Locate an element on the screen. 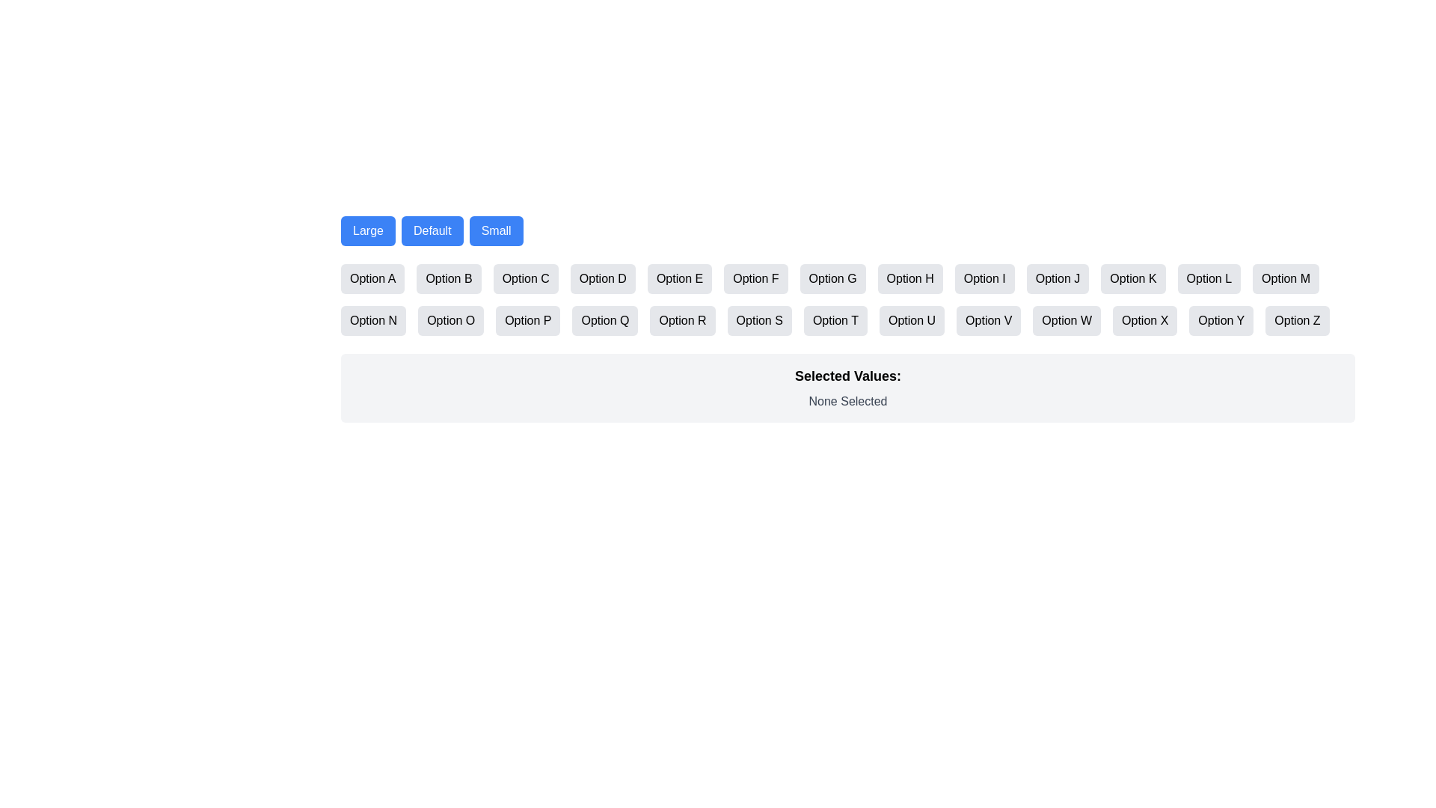 The width and height of the screenshot is (1436, 808). the blue 'Default' button with white text is located at coordinates (431, 230).